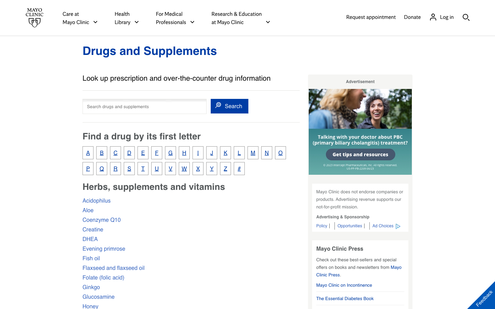  Describe the element at coordinates (103, 277) in the screenshot. I see `Discover the impact of folic acid on human body` at that location.